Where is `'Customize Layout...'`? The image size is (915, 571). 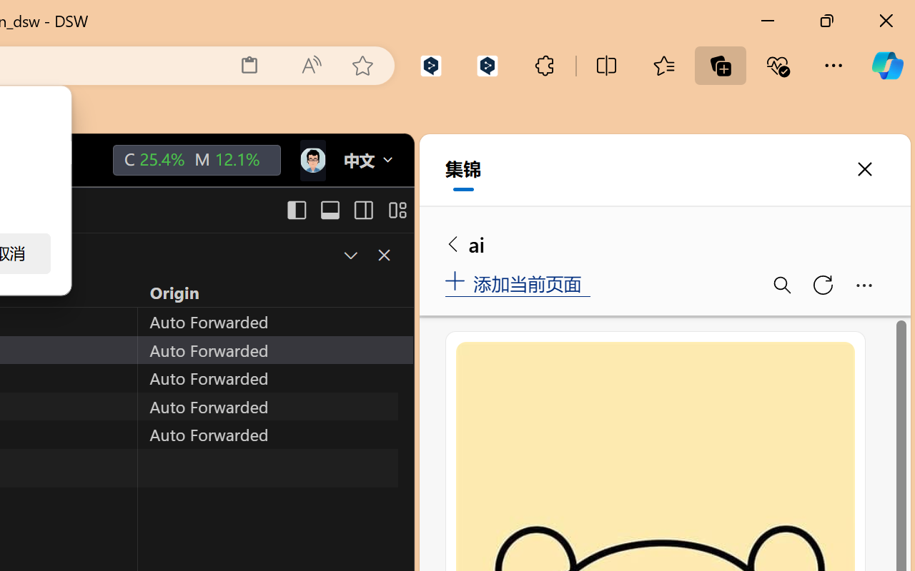 'Customize Layout...' is located at coordinates (396, 210).